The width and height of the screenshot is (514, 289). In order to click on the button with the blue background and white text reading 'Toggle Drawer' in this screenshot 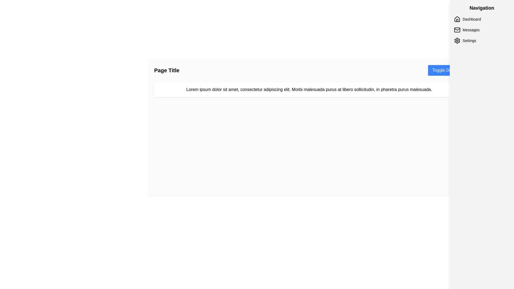, I will do `click(446, 70)`.